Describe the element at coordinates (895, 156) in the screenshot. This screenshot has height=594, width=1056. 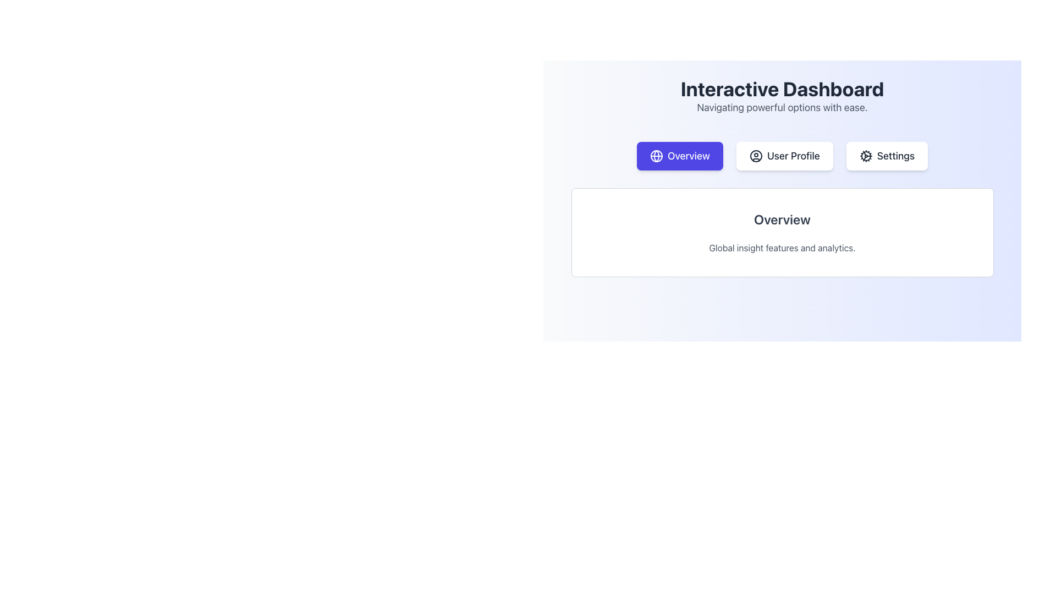
I see `the text label that indicates the purpose of the button for navigating to the settings interface, located to the right of the 'User Profile' button in the horizontal row of buttons` at that location.